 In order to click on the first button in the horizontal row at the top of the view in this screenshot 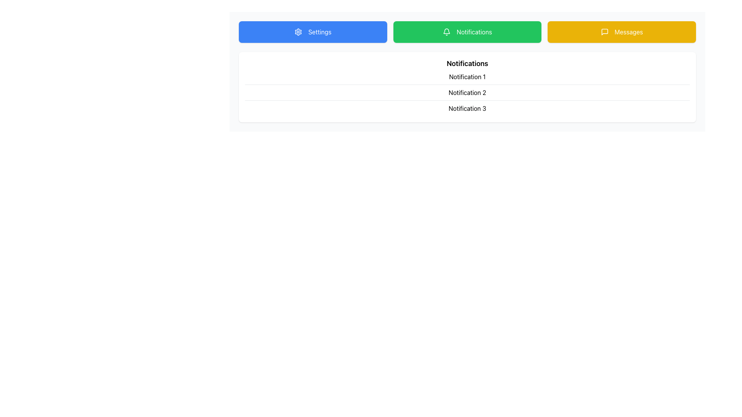, I will do `click(313, 32)`.